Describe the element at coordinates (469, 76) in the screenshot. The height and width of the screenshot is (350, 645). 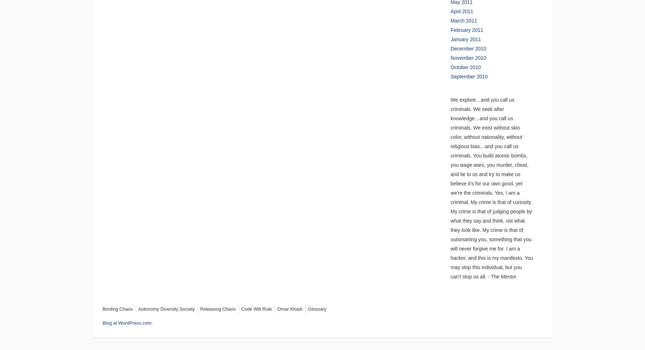
I see `'September 2010'` at that location.